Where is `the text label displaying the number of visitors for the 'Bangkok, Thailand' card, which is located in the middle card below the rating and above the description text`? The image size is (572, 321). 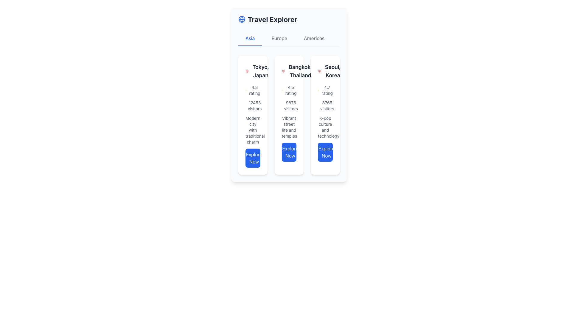 the text label displaying the number of visitors for the 'Bangkok, Thailand' card, which is located in the middle card below the rating and above the description text is located at coordinates (291, 105).